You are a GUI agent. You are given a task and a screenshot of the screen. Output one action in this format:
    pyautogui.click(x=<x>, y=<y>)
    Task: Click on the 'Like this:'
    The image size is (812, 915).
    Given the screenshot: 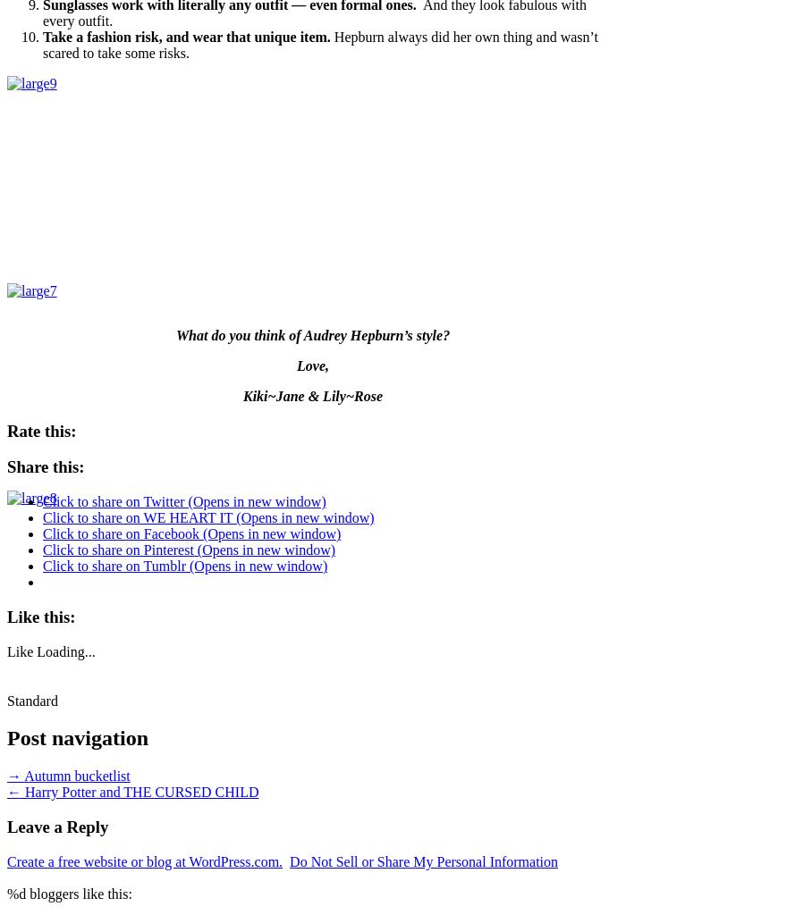 What is the action you would take?
    pyautogui.click(x=5, y=616)
    